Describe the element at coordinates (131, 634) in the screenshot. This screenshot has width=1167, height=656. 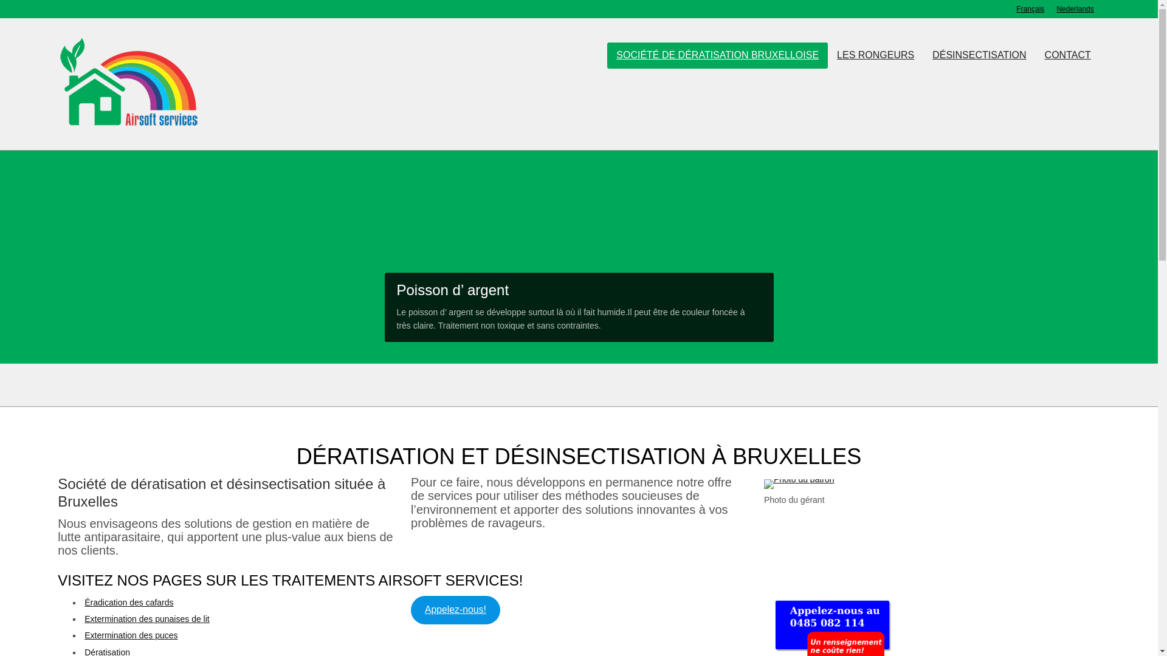
I see `'Extermination des puces'` at that location.